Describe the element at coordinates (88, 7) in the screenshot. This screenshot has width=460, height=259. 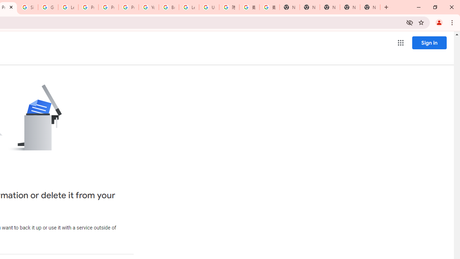
I see `'Privacy Help Center - Policies Help'` at that location.